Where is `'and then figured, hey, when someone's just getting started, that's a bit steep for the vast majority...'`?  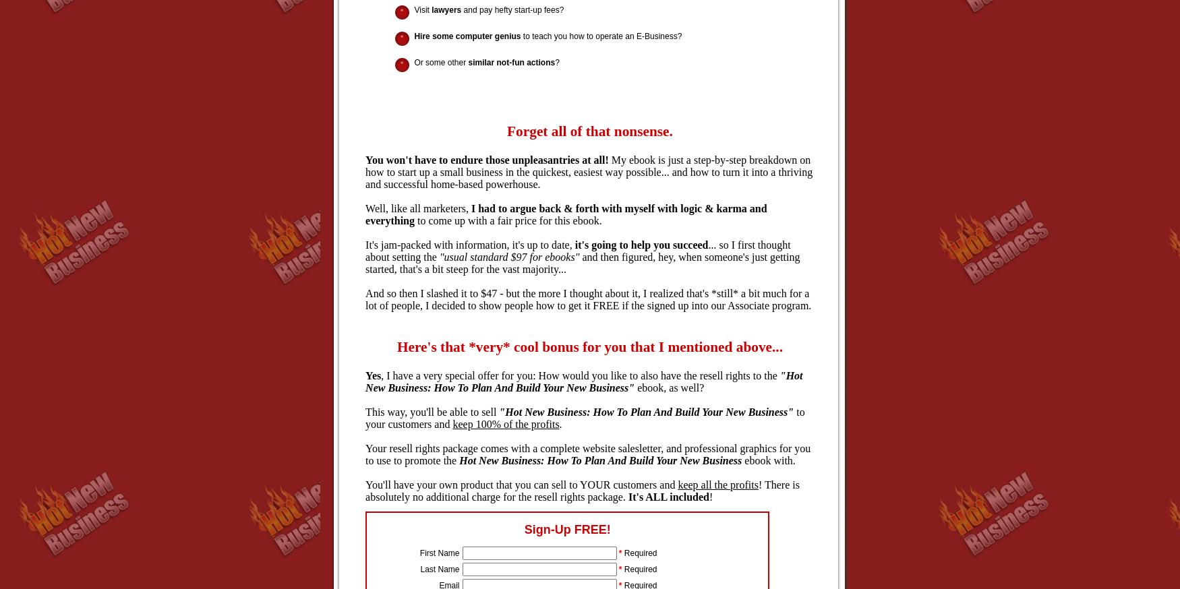
'and then figured, hey, when someone's just getting started, that's a bit steep for the vast majority...' is located at coordinates (582, 263).